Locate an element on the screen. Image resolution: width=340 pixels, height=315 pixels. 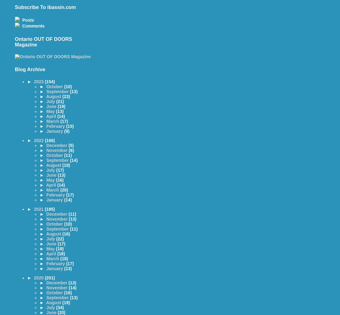
'(23)' is located at coordinates (66, 96).